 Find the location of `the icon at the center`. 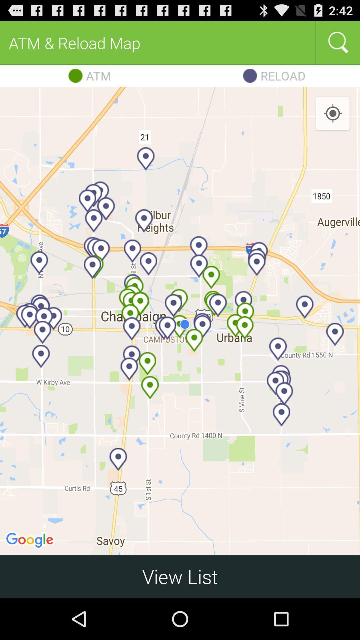

the icon at the center is located at coordinates (180, 321).